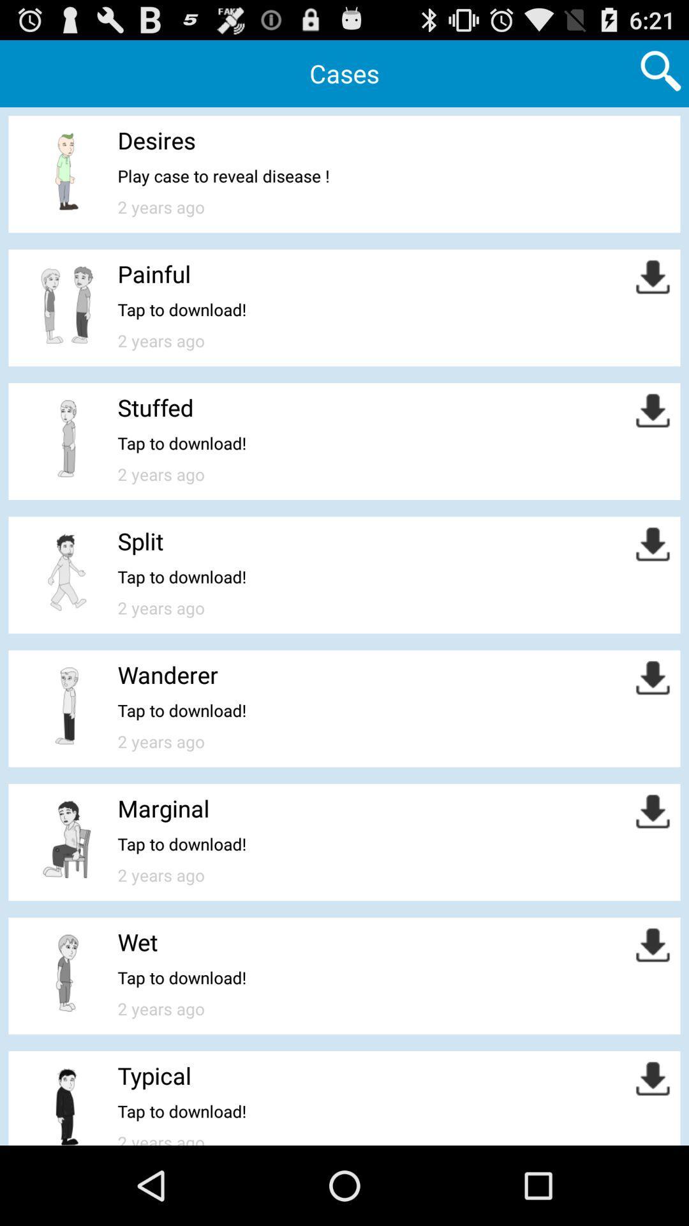 This screenshot has width=689, height=1226. I want to click on app above tap to download! app, so click(154, 1075).